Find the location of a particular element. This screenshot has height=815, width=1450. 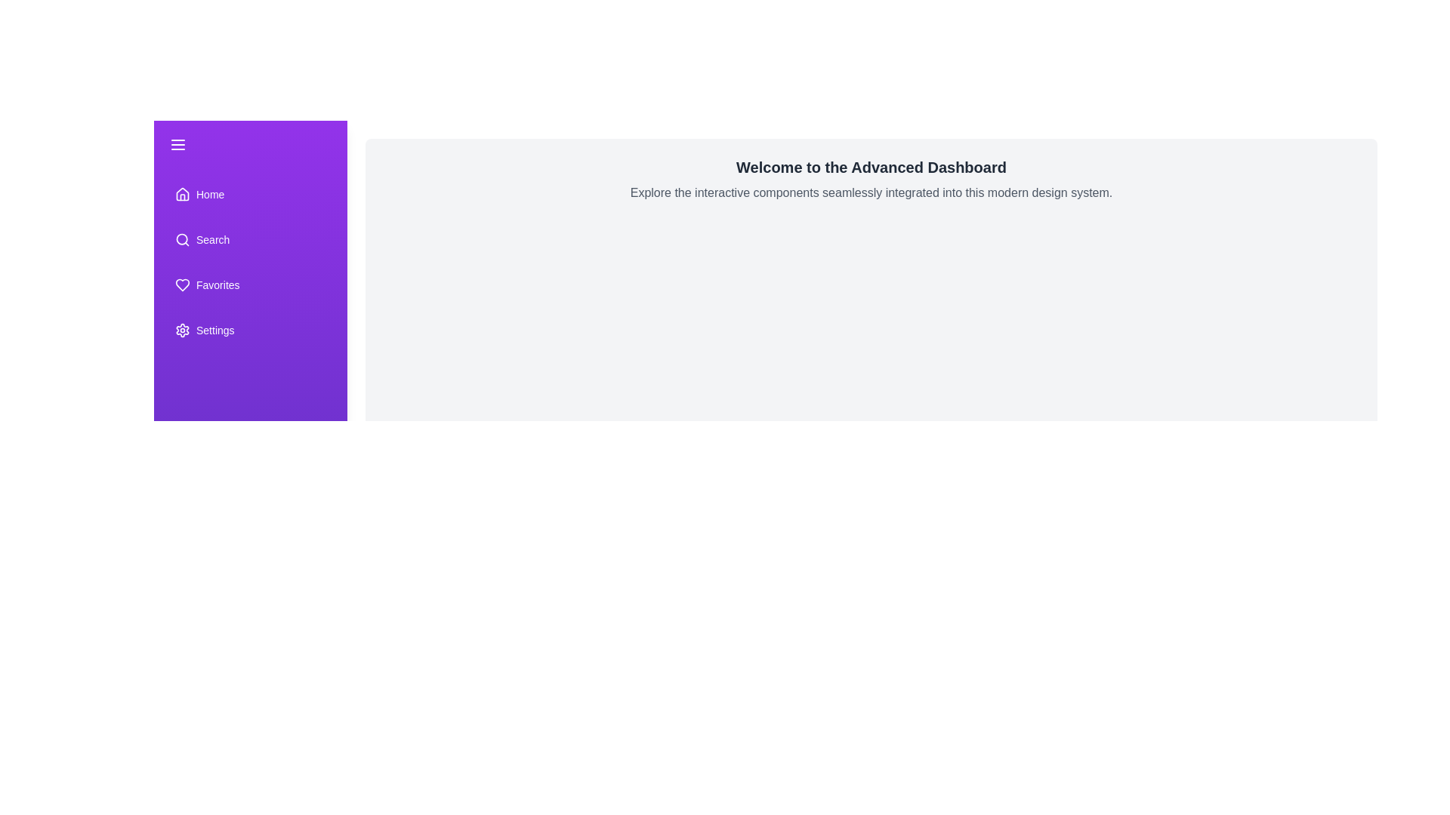

the toggle button to change the drawer state is located at coordinates (177, 145).